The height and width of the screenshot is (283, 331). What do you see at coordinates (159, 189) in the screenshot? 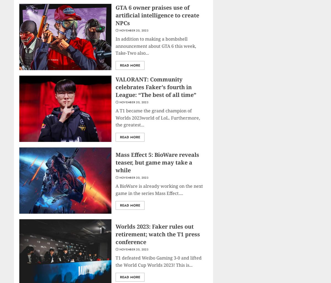
I see `'A BioWare is already working on the next game in the series Mass Effect....'` at bounding box center [159, 189].